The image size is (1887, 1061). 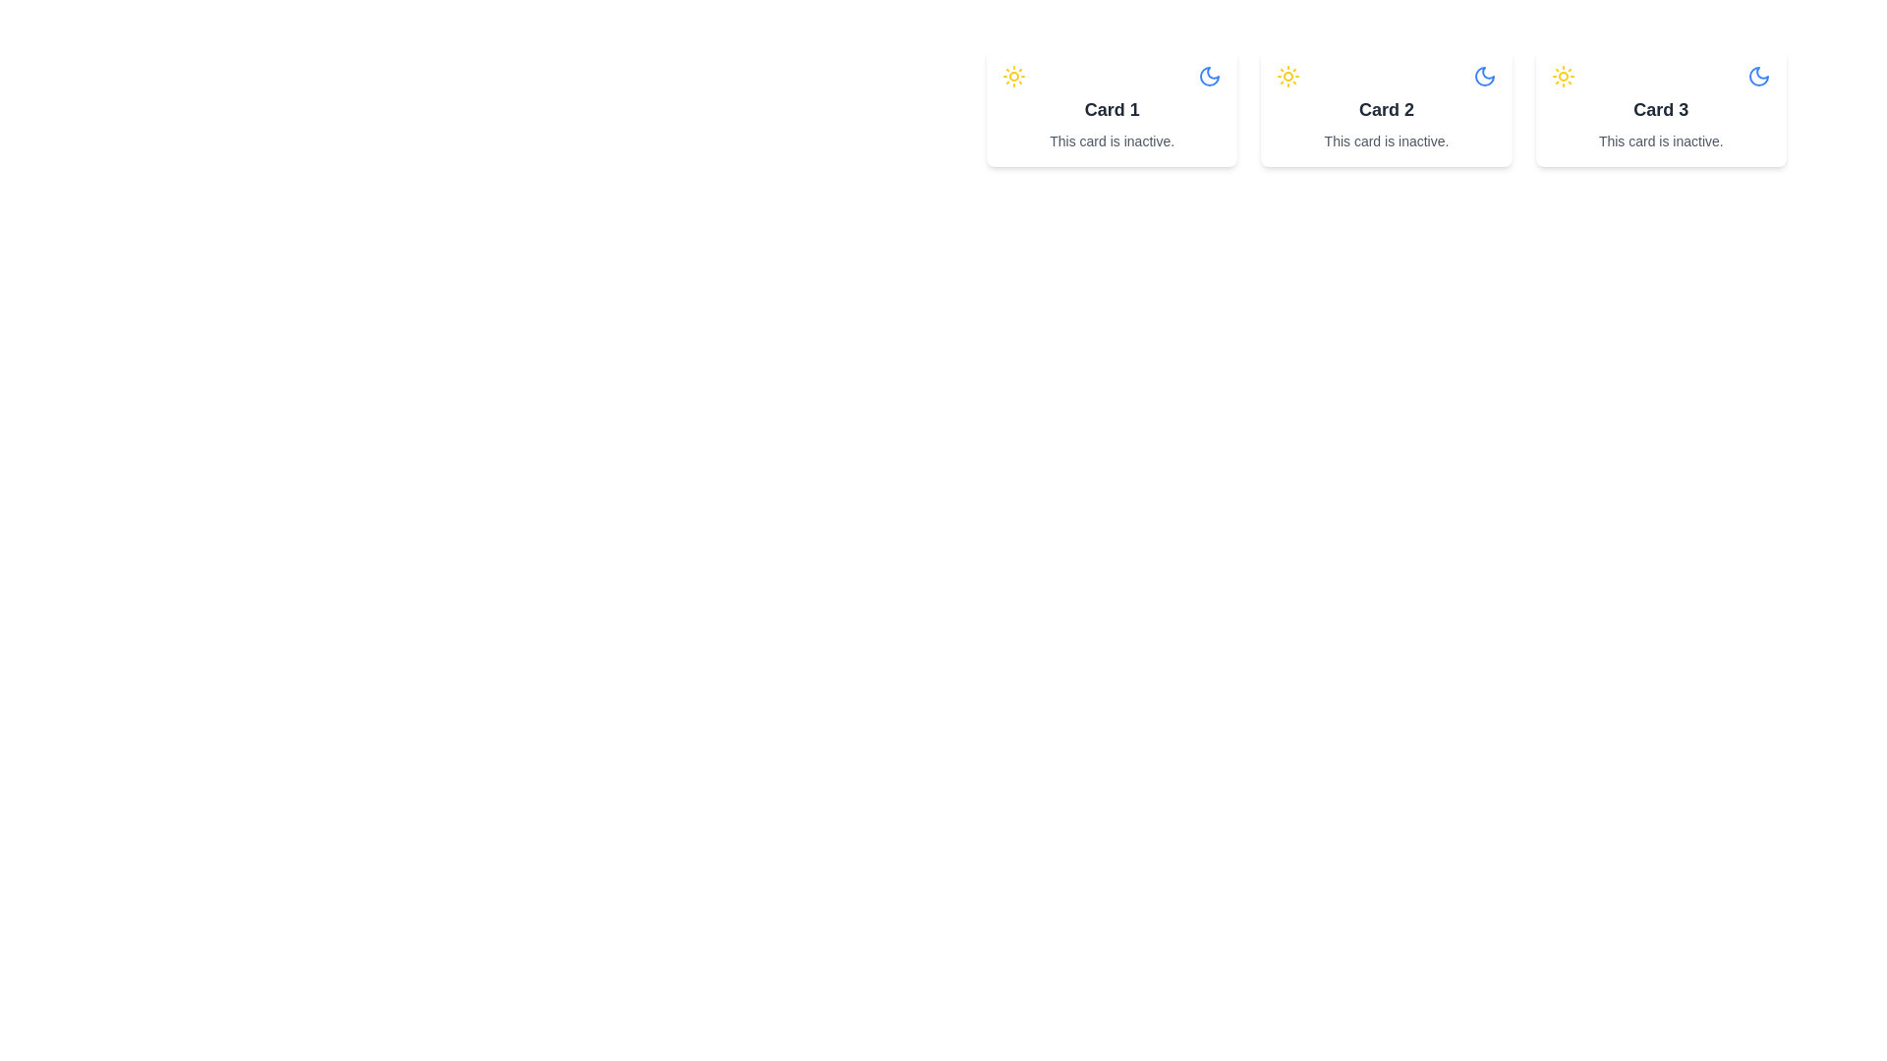 What do you see at coordinates (1562, 75) in the screenshot?
I see `the sunny icon located in the top left area inside 'Card 3' for additional information` at bounding box center [1562, 75].